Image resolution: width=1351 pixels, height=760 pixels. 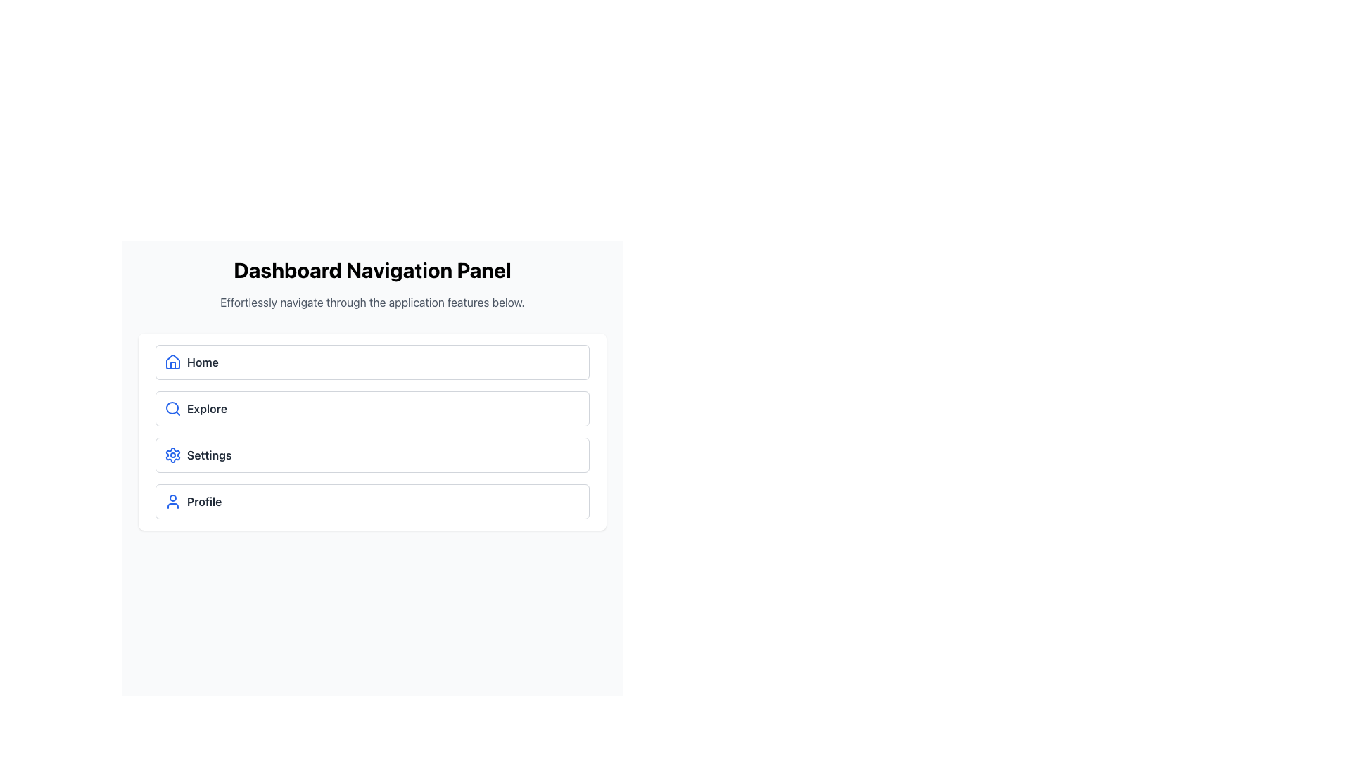 I want to click on 'Home' text label, which is styled in bold dark gray and is part of the navigation items at the top of the list, so click(x=202, y=362).